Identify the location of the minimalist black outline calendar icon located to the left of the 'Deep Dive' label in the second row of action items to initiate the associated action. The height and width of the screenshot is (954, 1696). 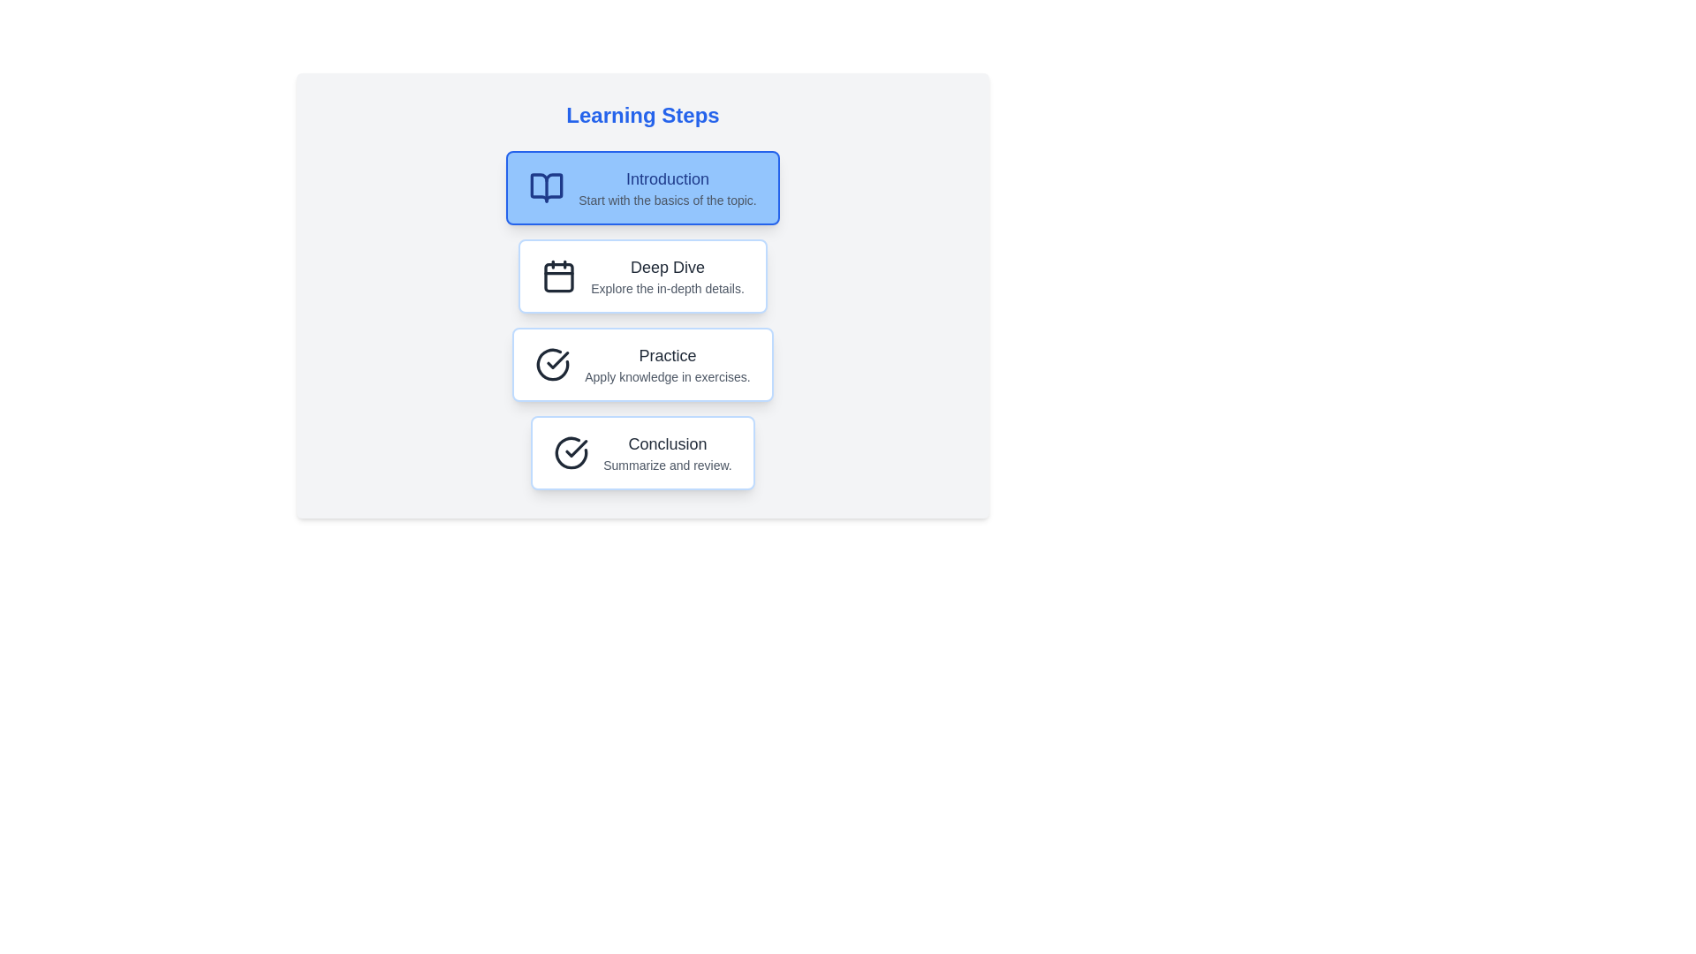
(558, 276).